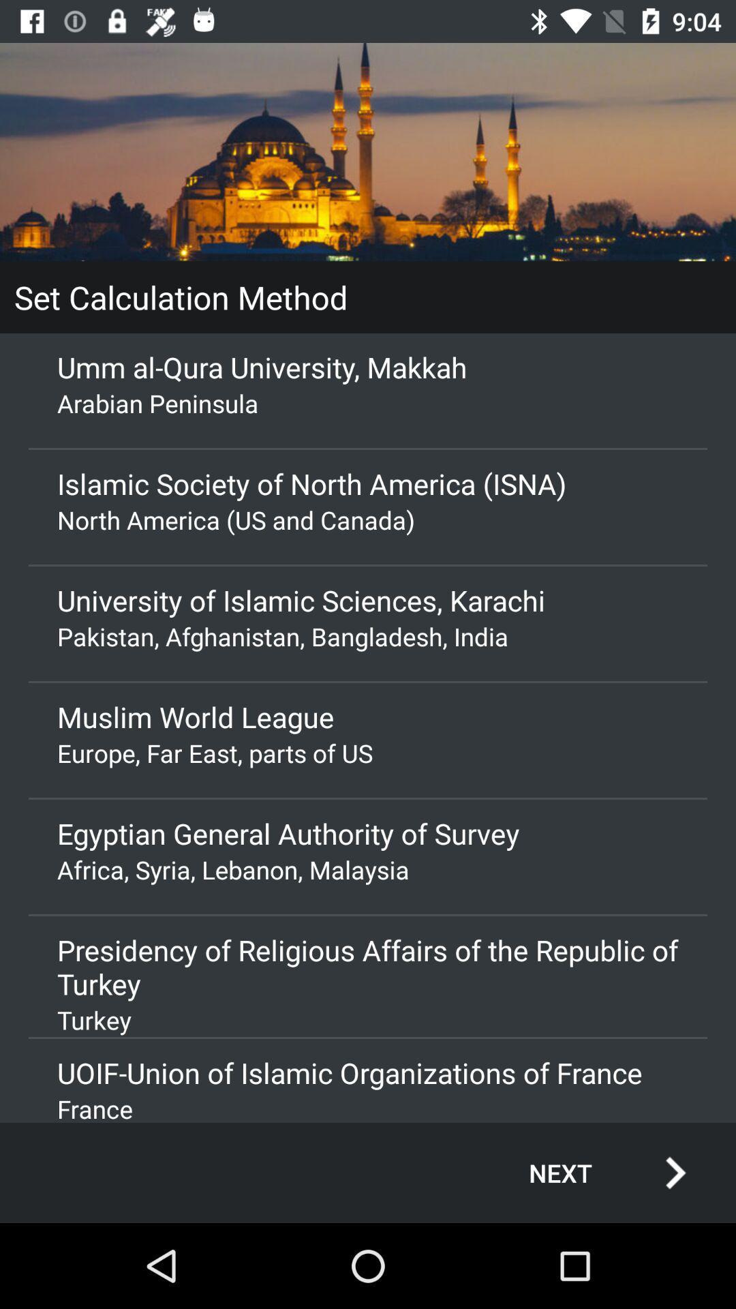  What do you see at coordinates (368, 869) in the screenshot?
I see `africa syria lebanon app` at bounding box center [368, 869].